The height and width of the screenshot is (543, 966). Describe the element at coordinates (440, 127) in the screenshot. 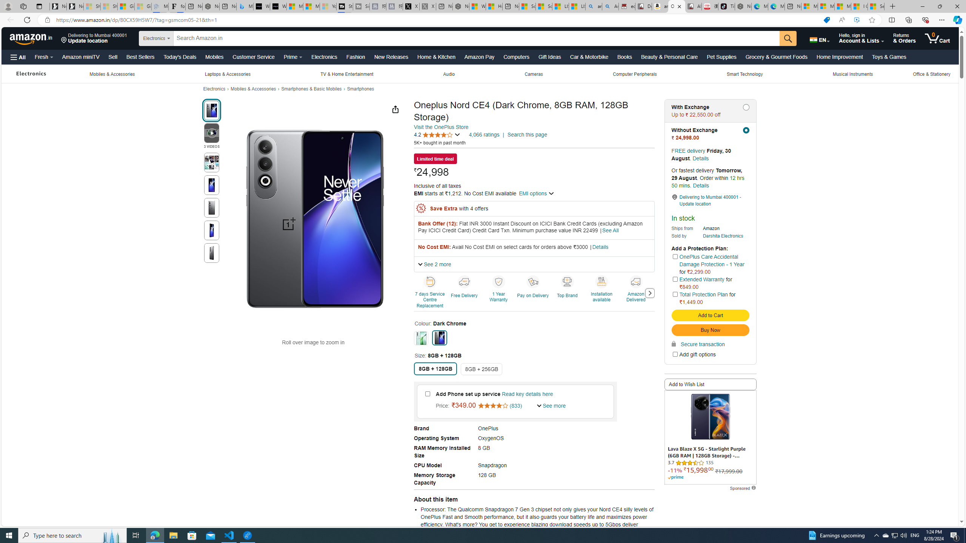

I see `'Visit the OnePlus Store'` at that location.